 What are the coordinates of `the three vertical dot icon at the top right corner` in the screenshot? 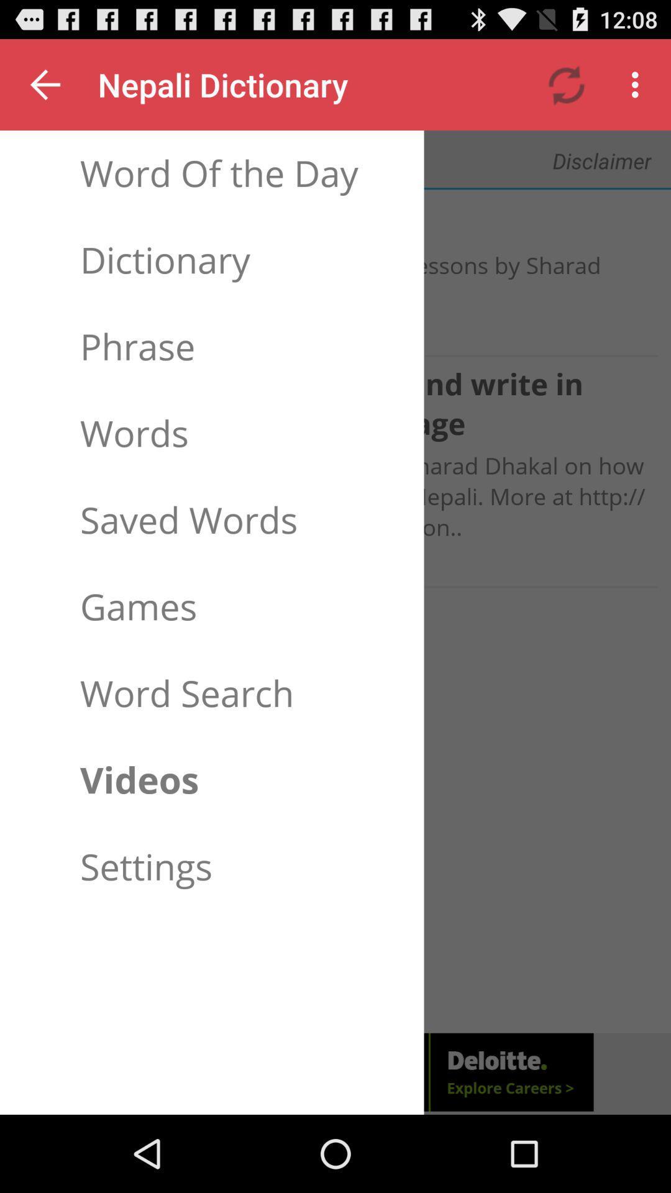 It's located at (638, 85).